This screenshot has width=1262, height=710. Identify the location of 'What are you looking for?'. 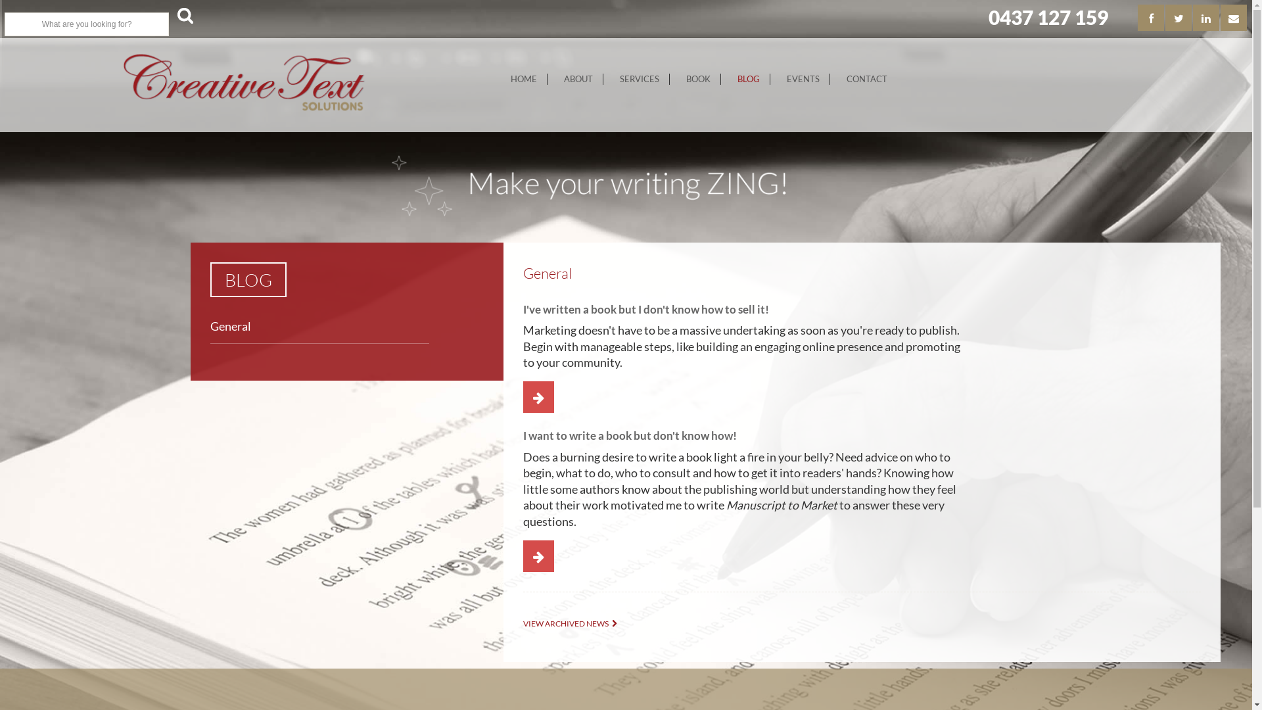
(85, 24).